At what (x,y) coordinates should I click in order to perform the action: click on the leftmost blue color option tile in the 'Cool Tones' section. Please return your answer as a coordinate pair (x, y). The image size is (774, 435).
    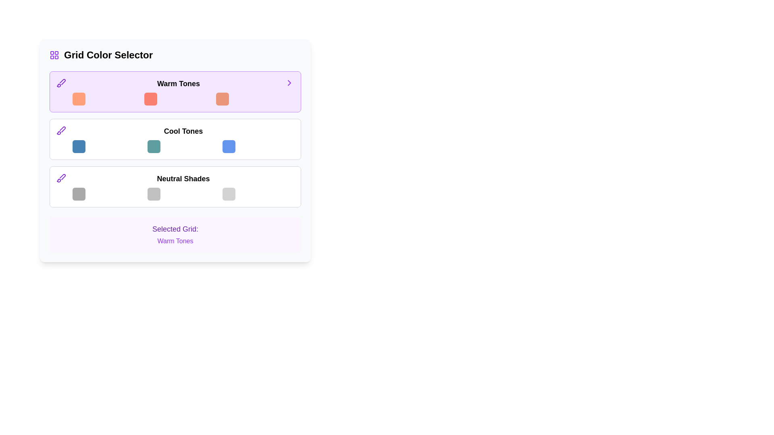
    Looking at the image, I should click on (79, 146).